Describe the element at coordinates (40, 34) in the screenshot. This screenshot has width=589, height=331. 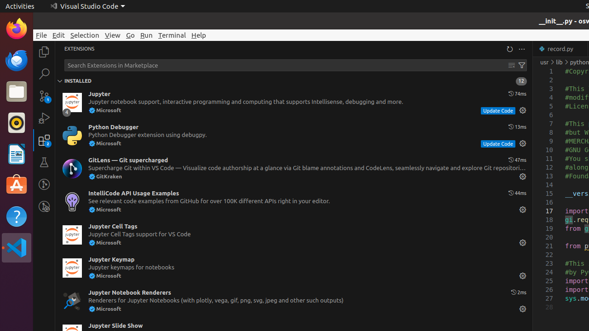
I see `'File'` at that location.